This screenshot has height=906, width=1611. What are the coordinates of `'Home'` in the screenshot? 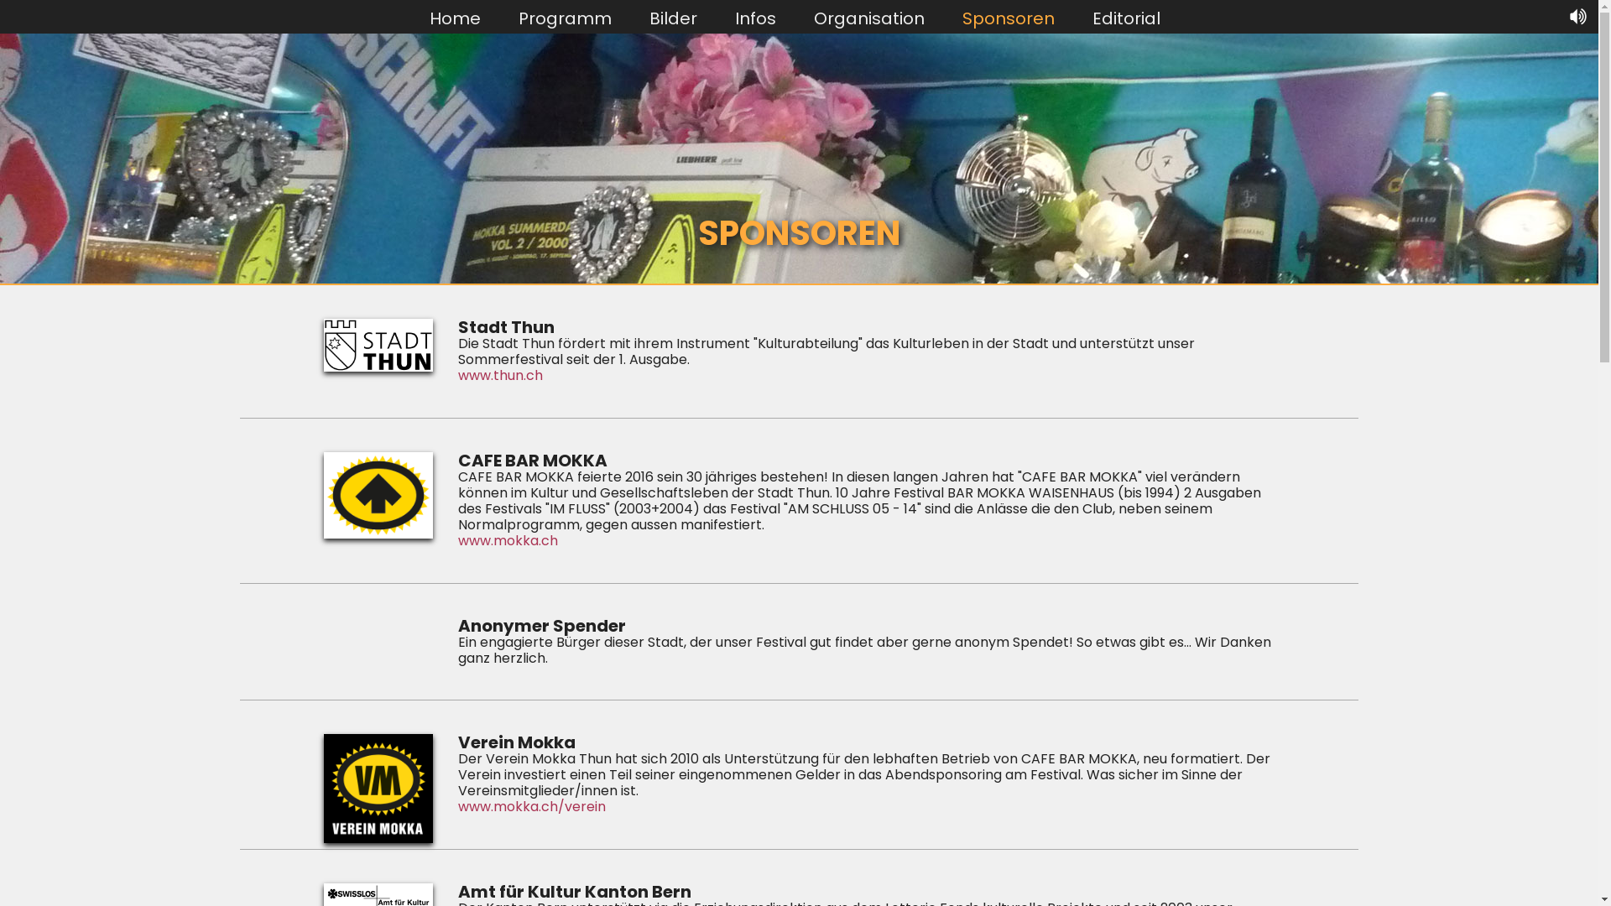 It's located at (455, 17).